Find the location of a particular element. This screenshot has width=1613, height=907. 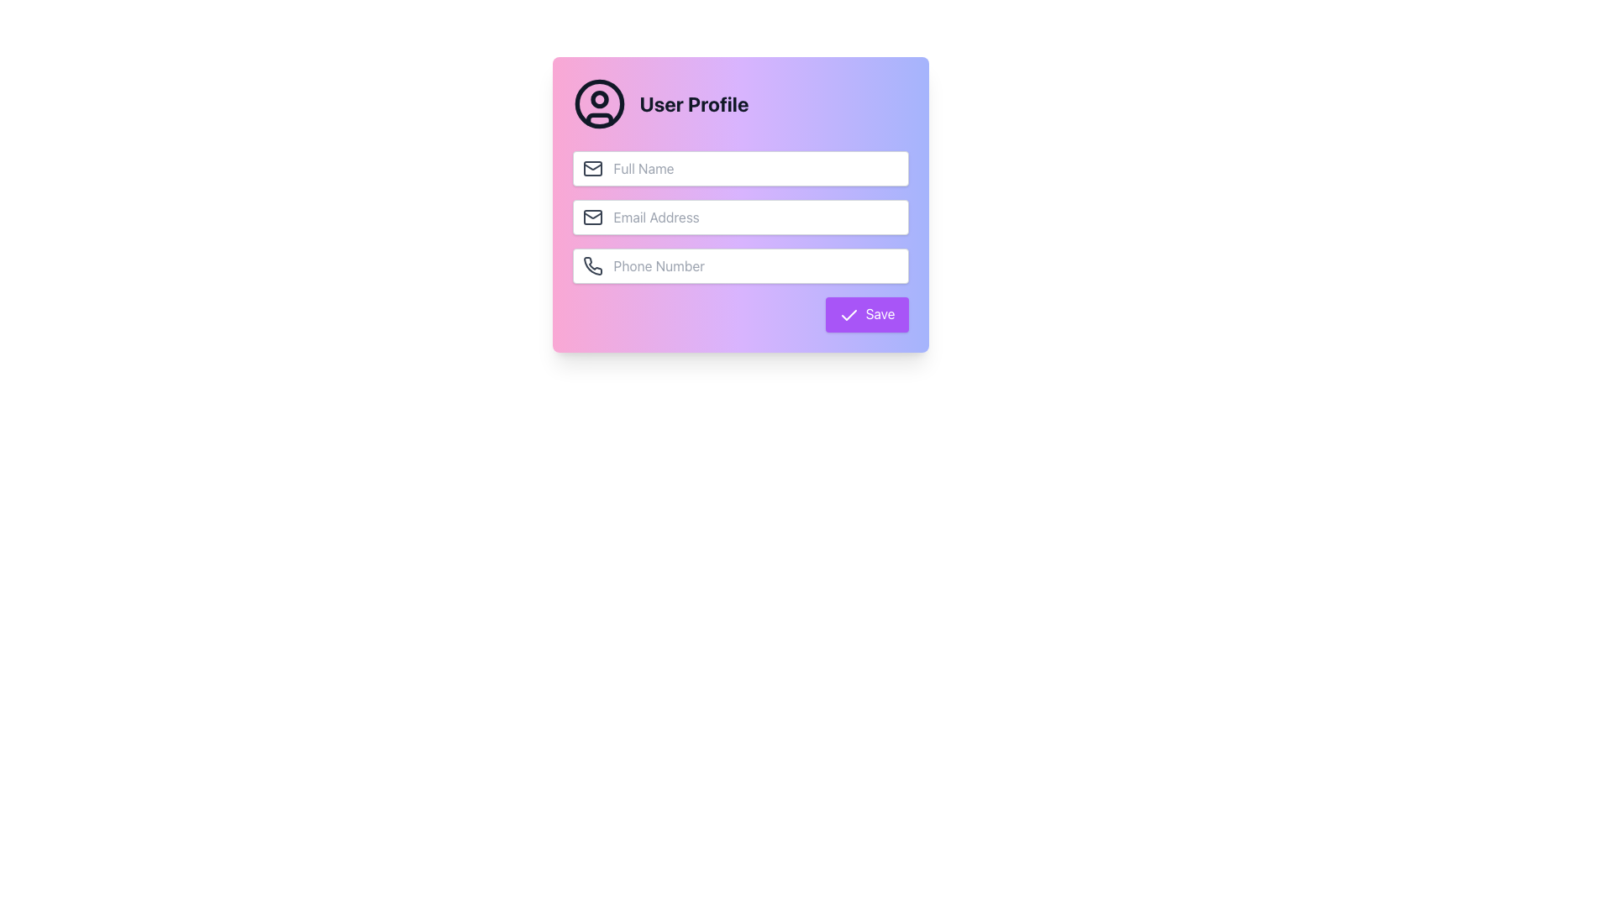

the phone icon located within the 'User Profile' form, which visually indicates the purpose of the adjacent phone number input field is located at coordinates (592, 265).